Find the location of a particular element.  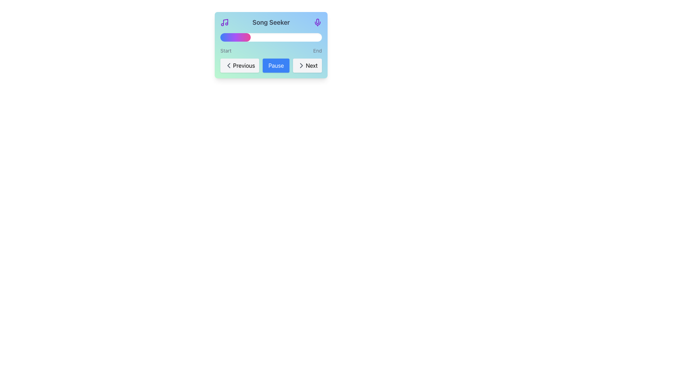

the slider value is located at coordinates (278, 37).